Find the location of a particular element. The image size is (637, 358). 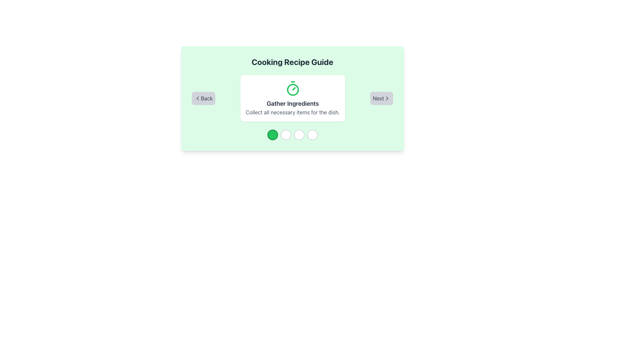

the fourth circular progress indicator/button is located at coordinates (312, 135).